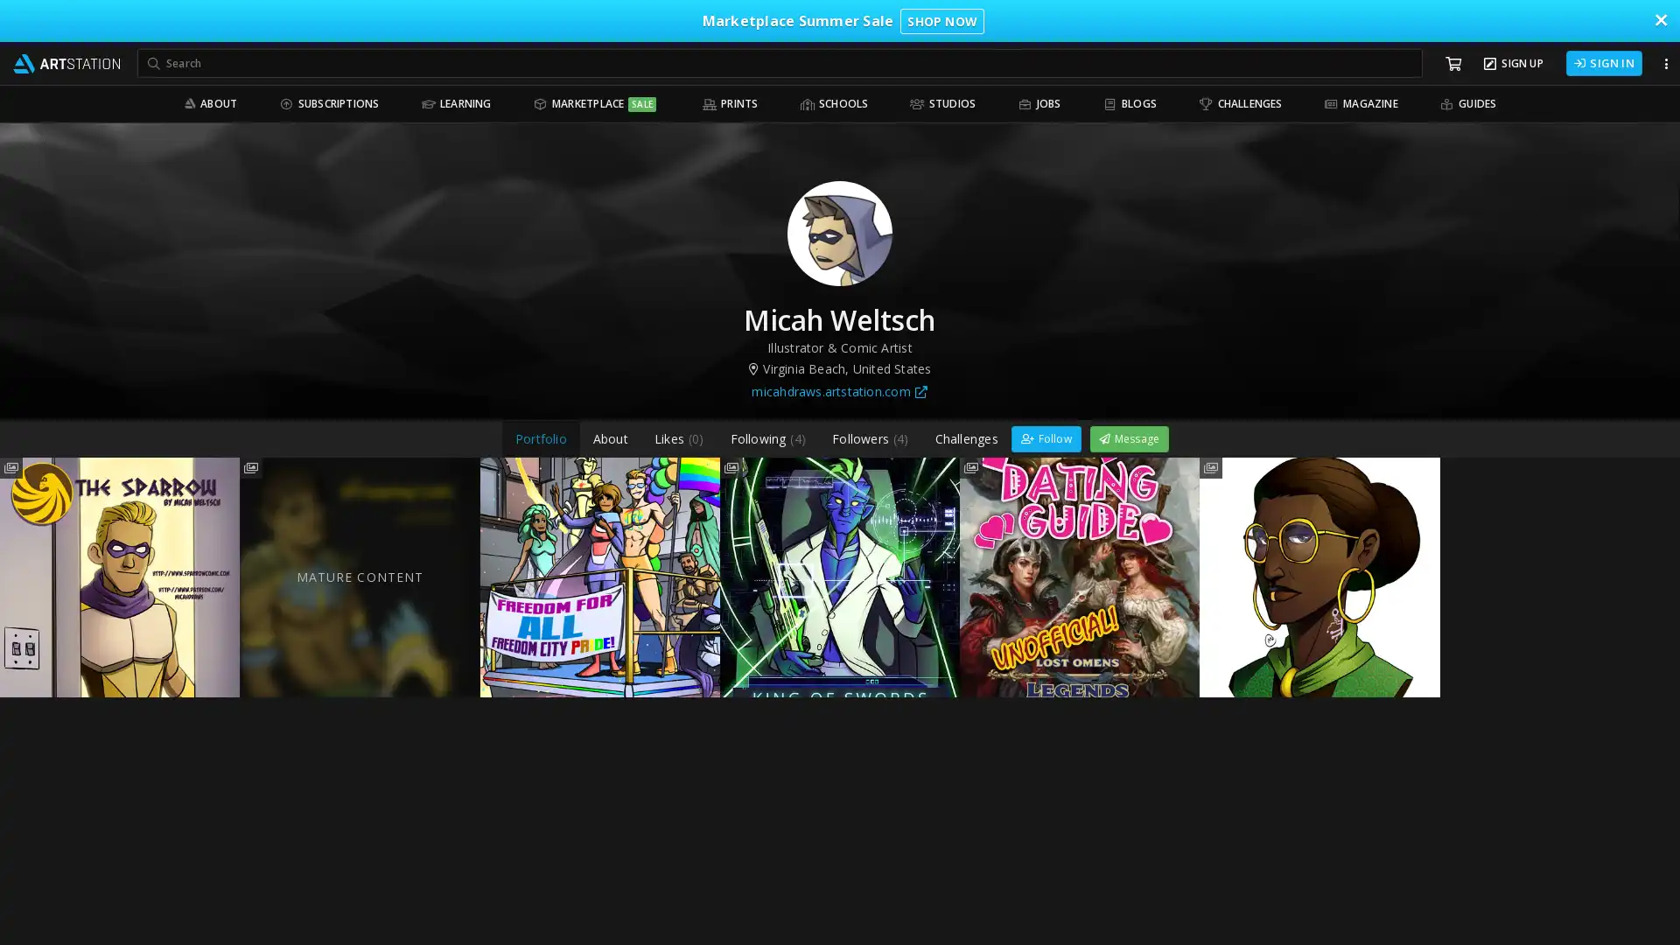 This screenshot has height=945, width=1680. What do you see at coordinates (948, 415) in the screenshot?
I see `Change to GBP` at bounding box center [948, 415].